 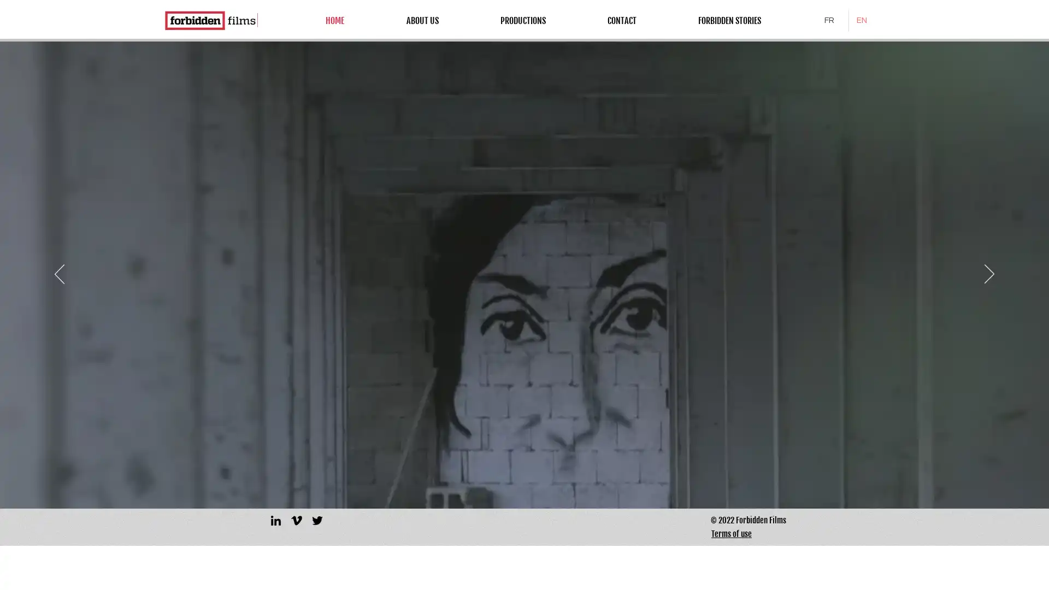 I want to click on English, so click(x=864, y=20).